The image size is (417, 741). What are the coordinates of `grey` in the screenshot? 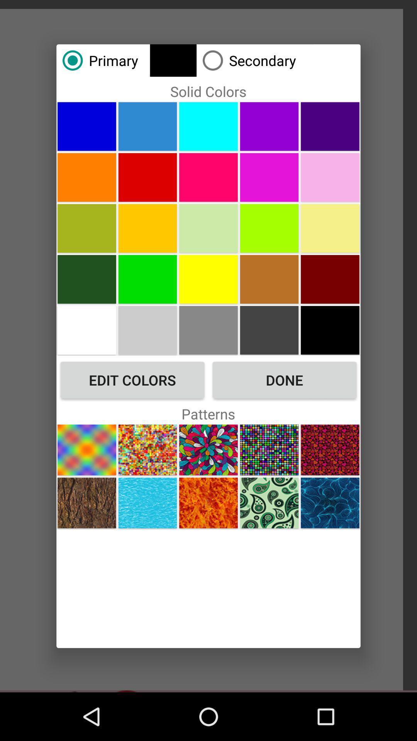 It's located at (208, 330).